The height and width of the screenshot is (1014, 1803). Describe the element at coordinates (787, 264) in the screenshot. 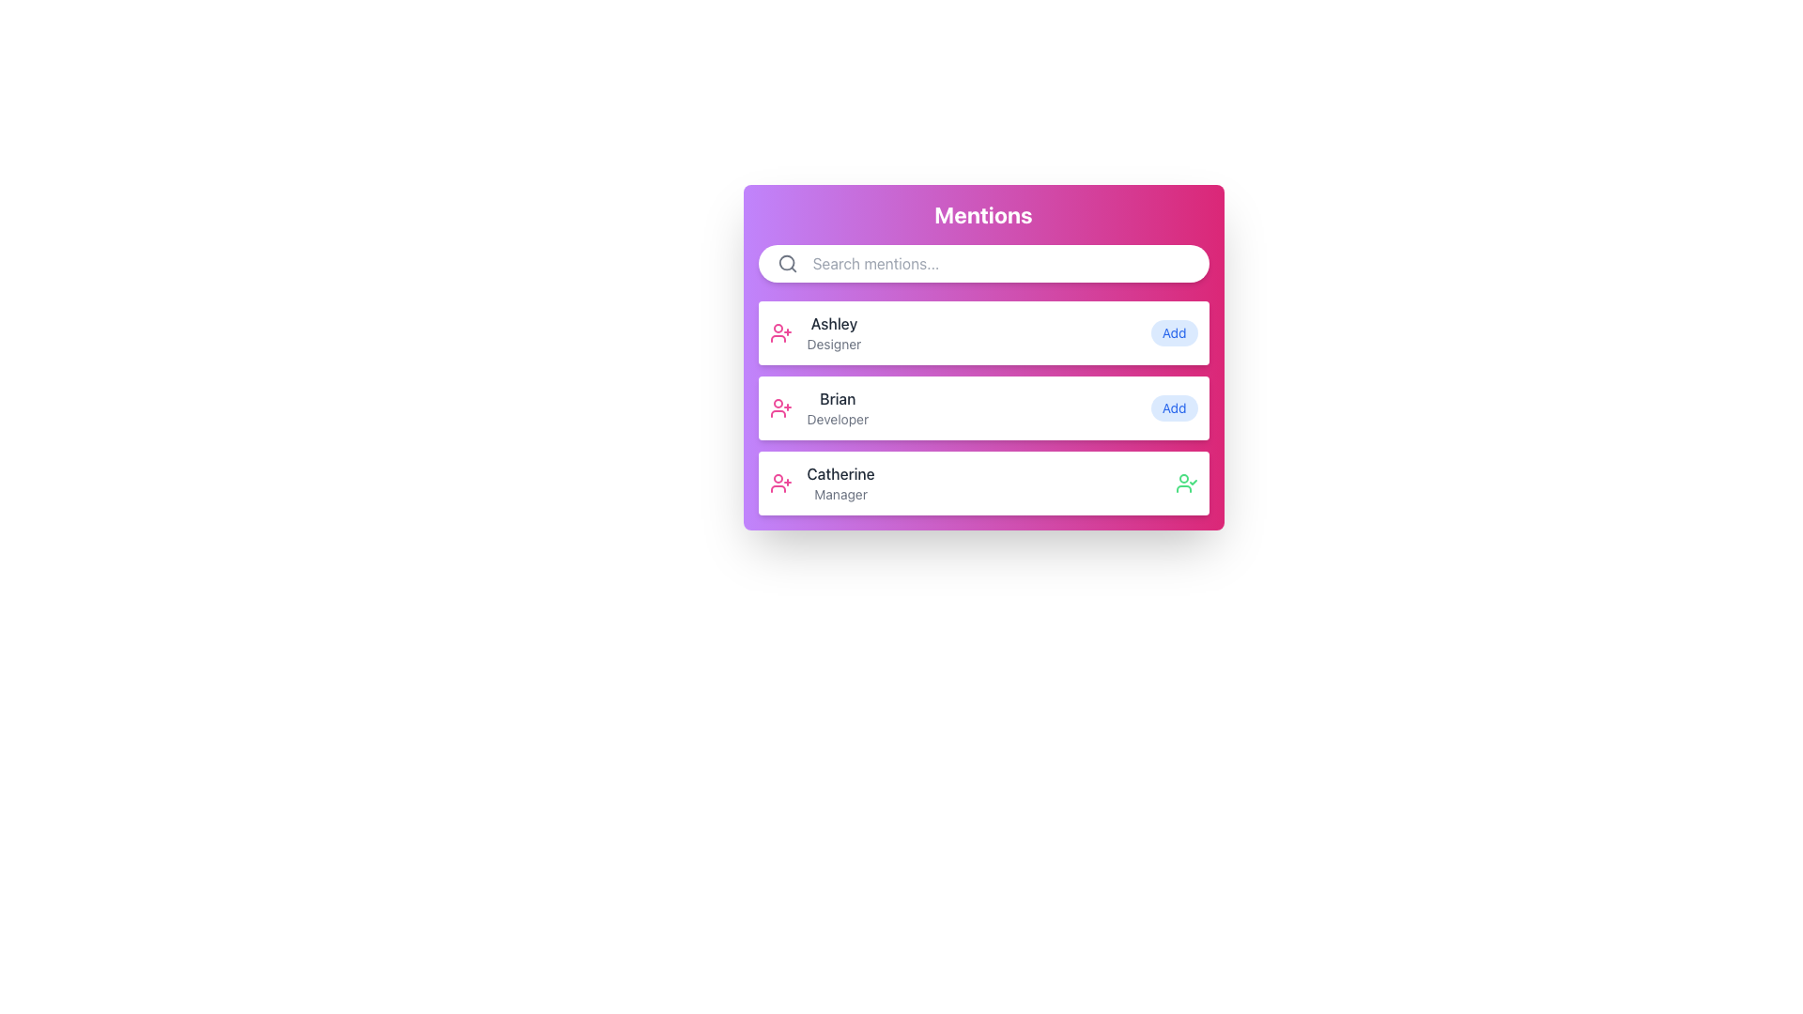

I see `the magnifying glass icon that indicates the search functionality, located to the left of the 'Search mentions...' text in the rounded search bar` at that location.